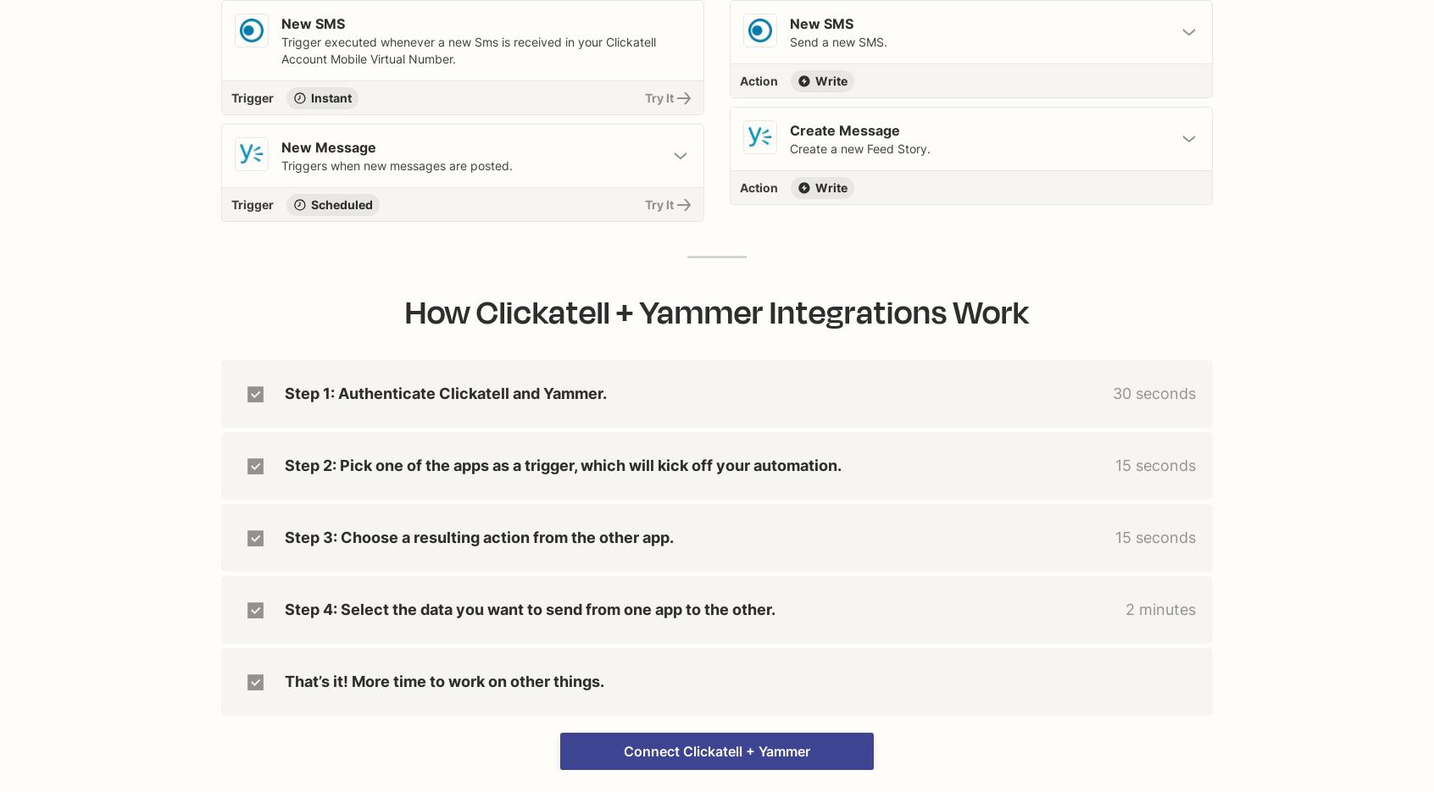 The image size is (1434, 792). Describe the element at coordinates (468, 50) in the screenshot. I see `'Trigger executed whenever a new Sms is received in your Clickatell Account Mobile Virtual Number.'` at that location.